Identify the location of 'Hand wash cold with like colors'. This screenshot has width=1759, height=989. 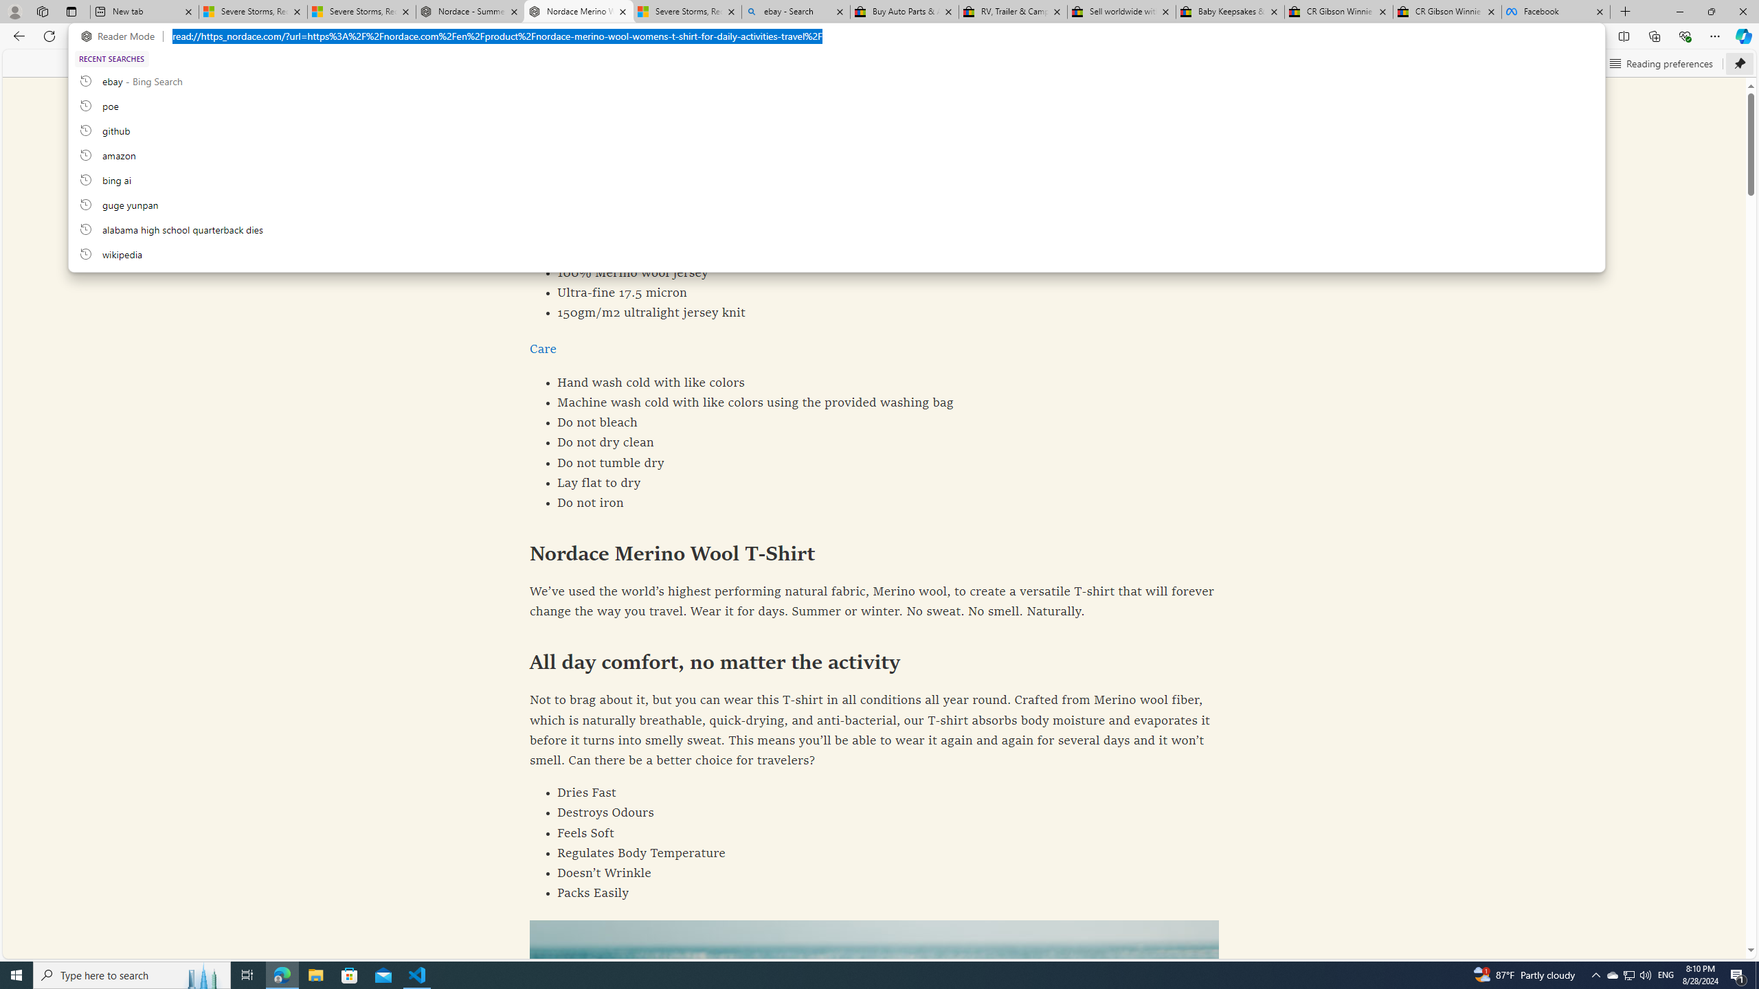
(874, 383).